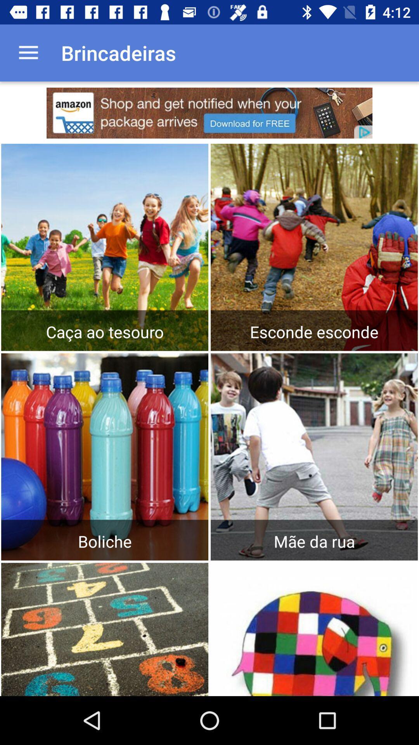  I want to click on click on advertisement, so click(209, 113).